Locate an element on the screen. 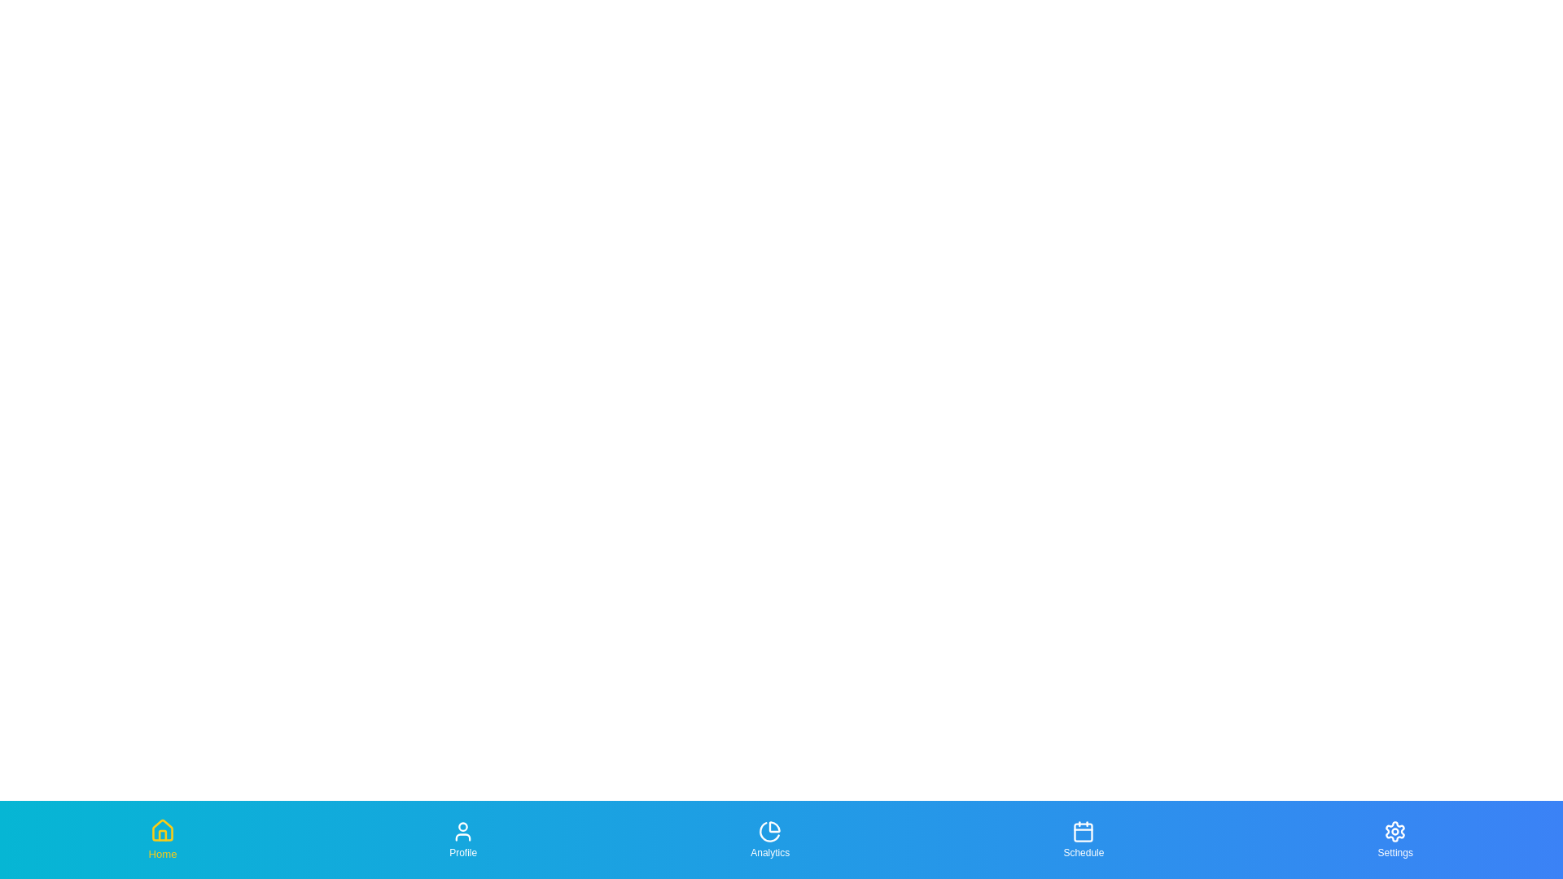  the Schedule tab in the bottom navigation bar is located at coordinates (1083, 840).